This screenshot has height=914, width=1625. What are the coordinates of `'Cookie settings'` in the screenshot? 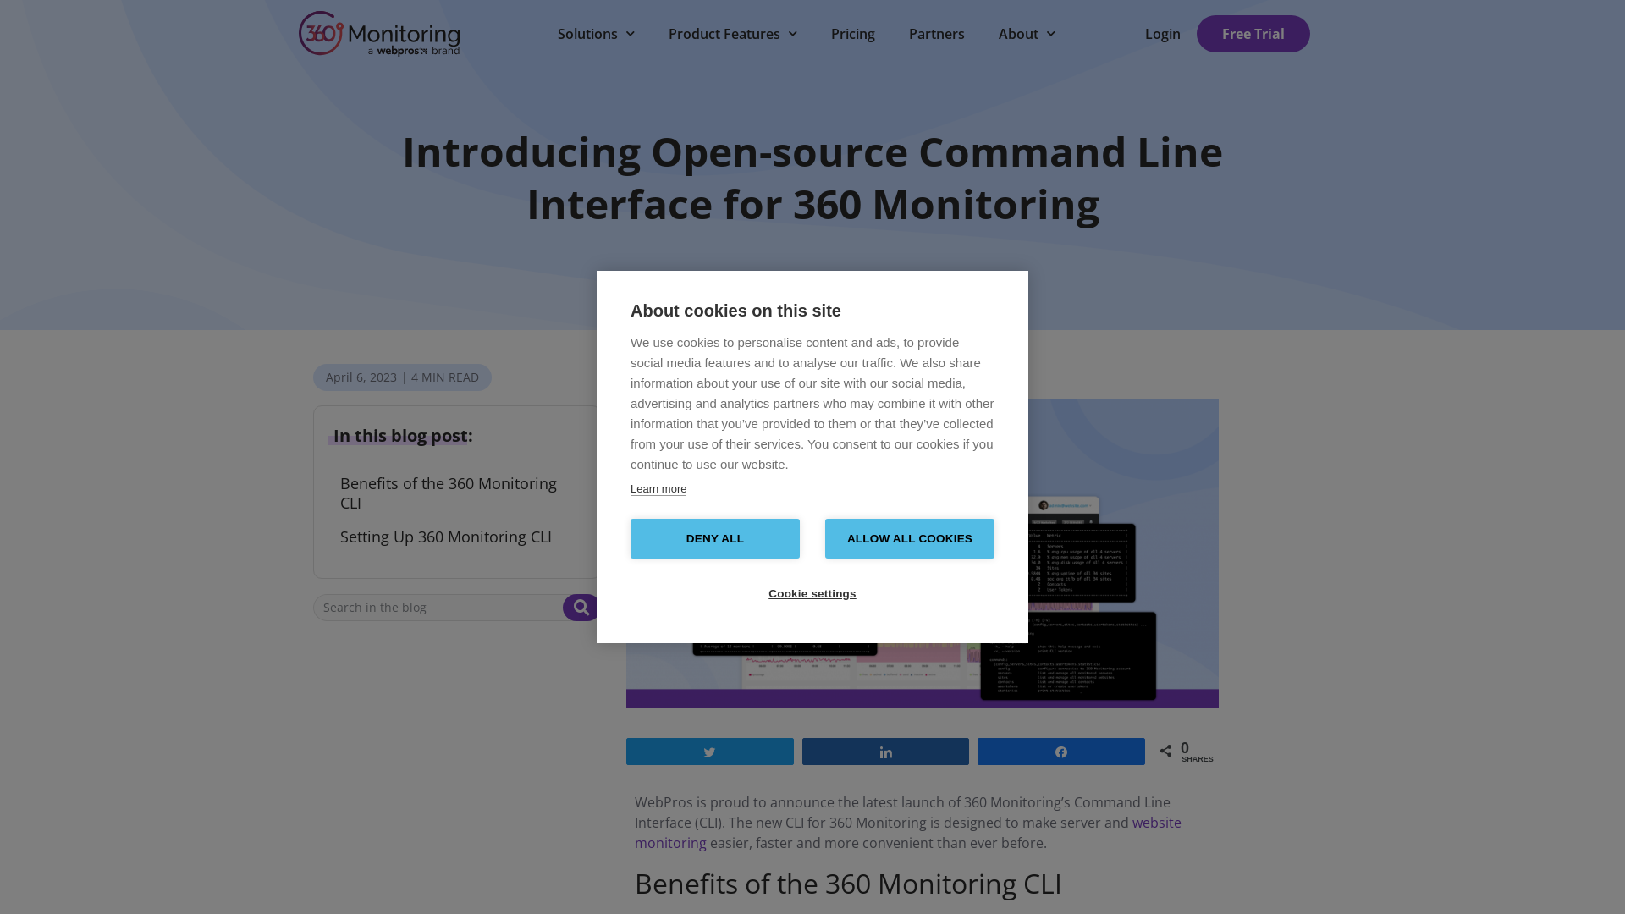 It's located at (812, 592).